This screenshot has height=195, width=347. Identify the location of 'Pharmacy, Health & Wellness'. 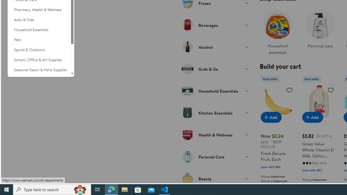
(38, 10).